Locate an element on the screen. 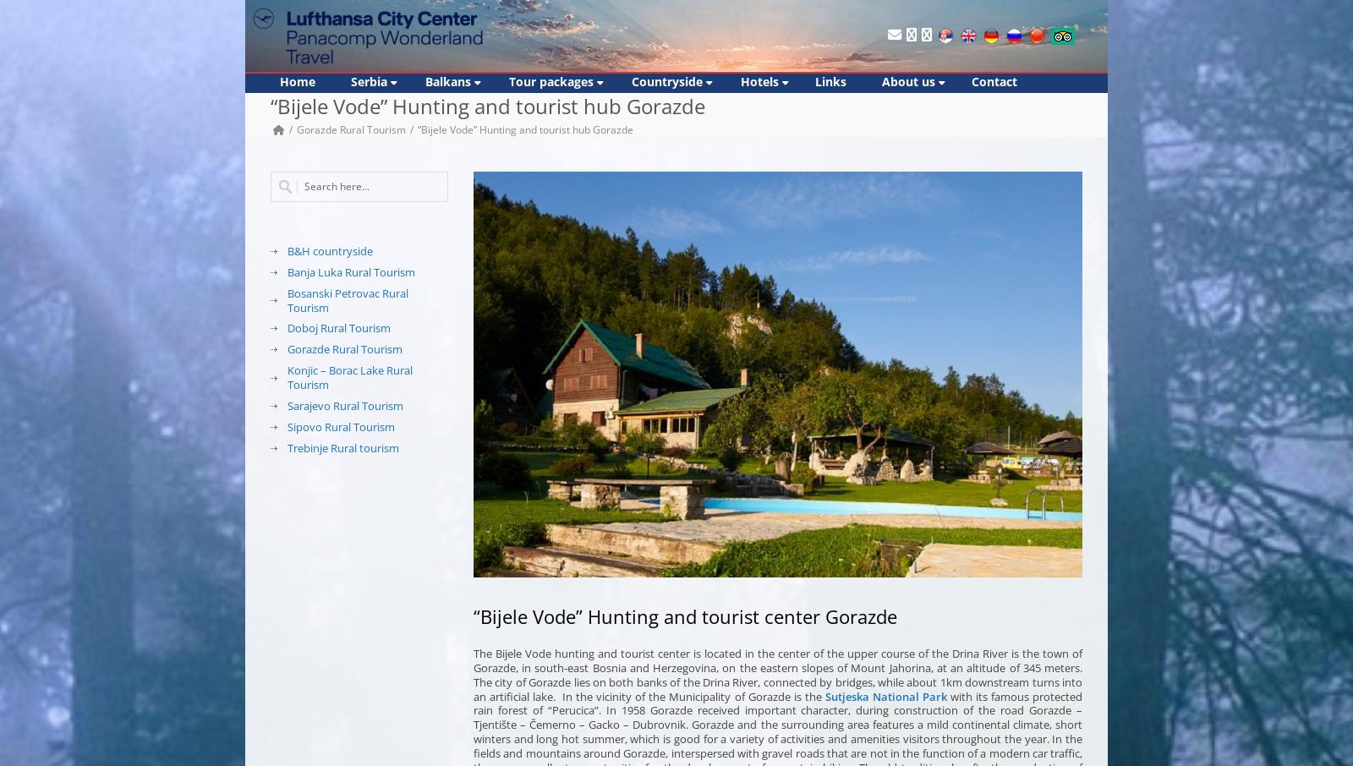 The height and width of the screenshot is (766, 1353). 'In the' is located at coordinates (1066, 739).